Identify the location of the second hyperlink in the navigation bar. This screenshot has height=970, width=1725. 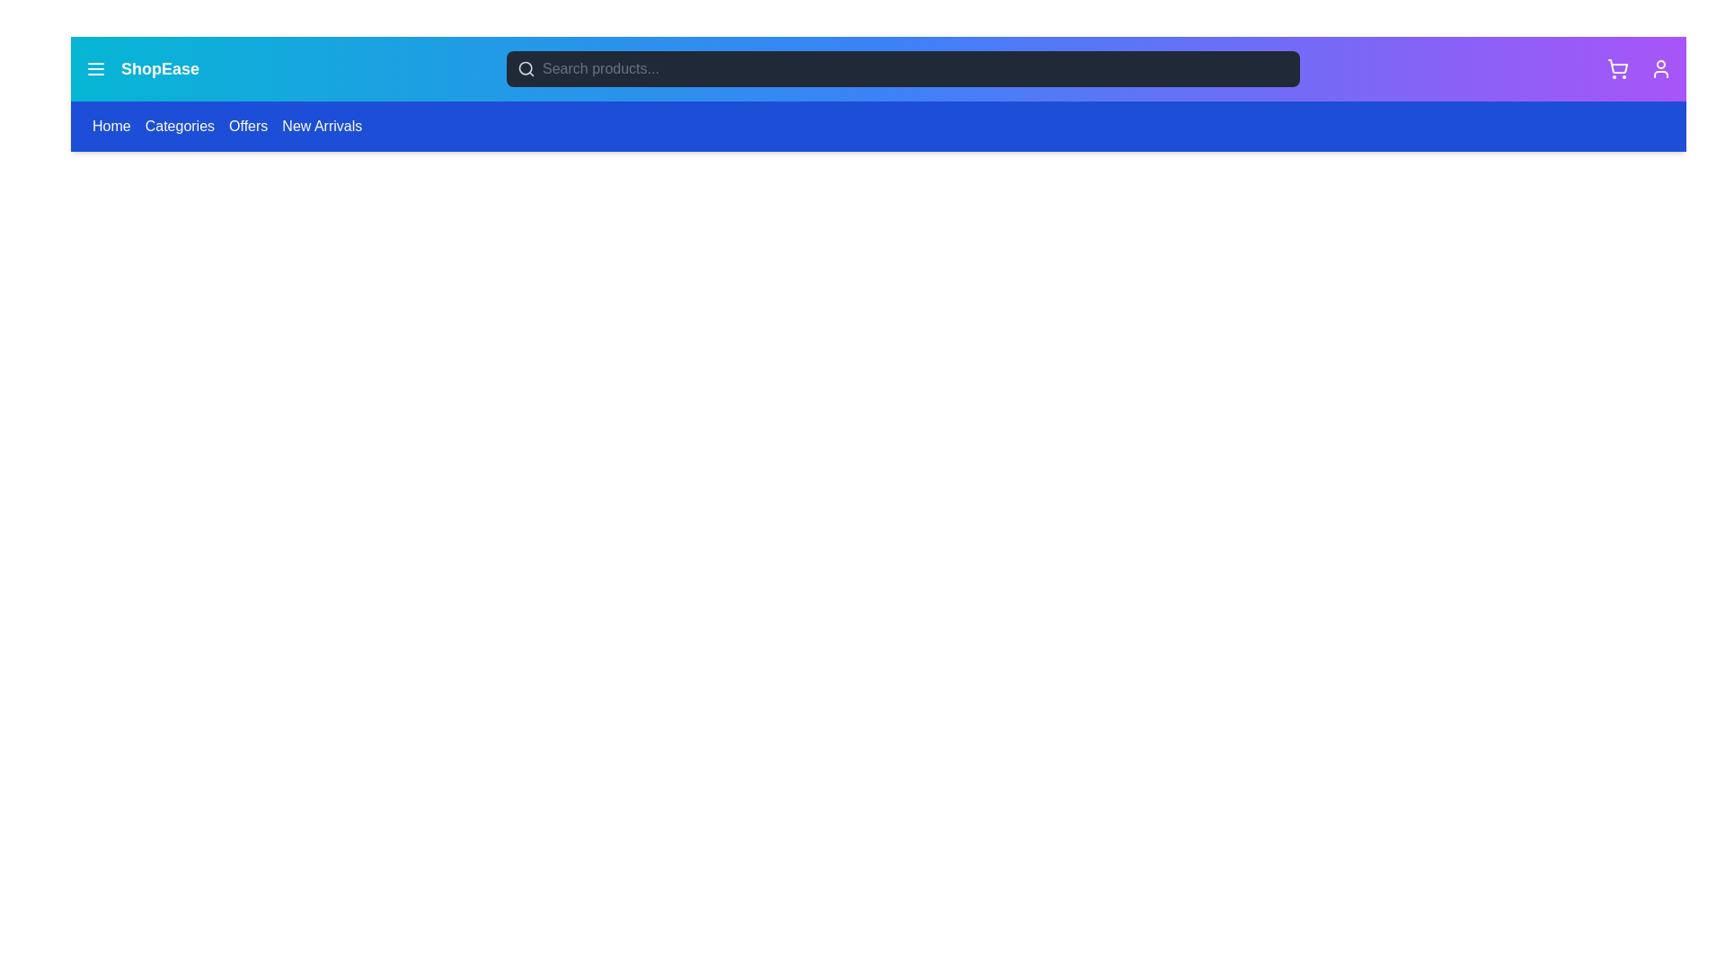
(180, 126).